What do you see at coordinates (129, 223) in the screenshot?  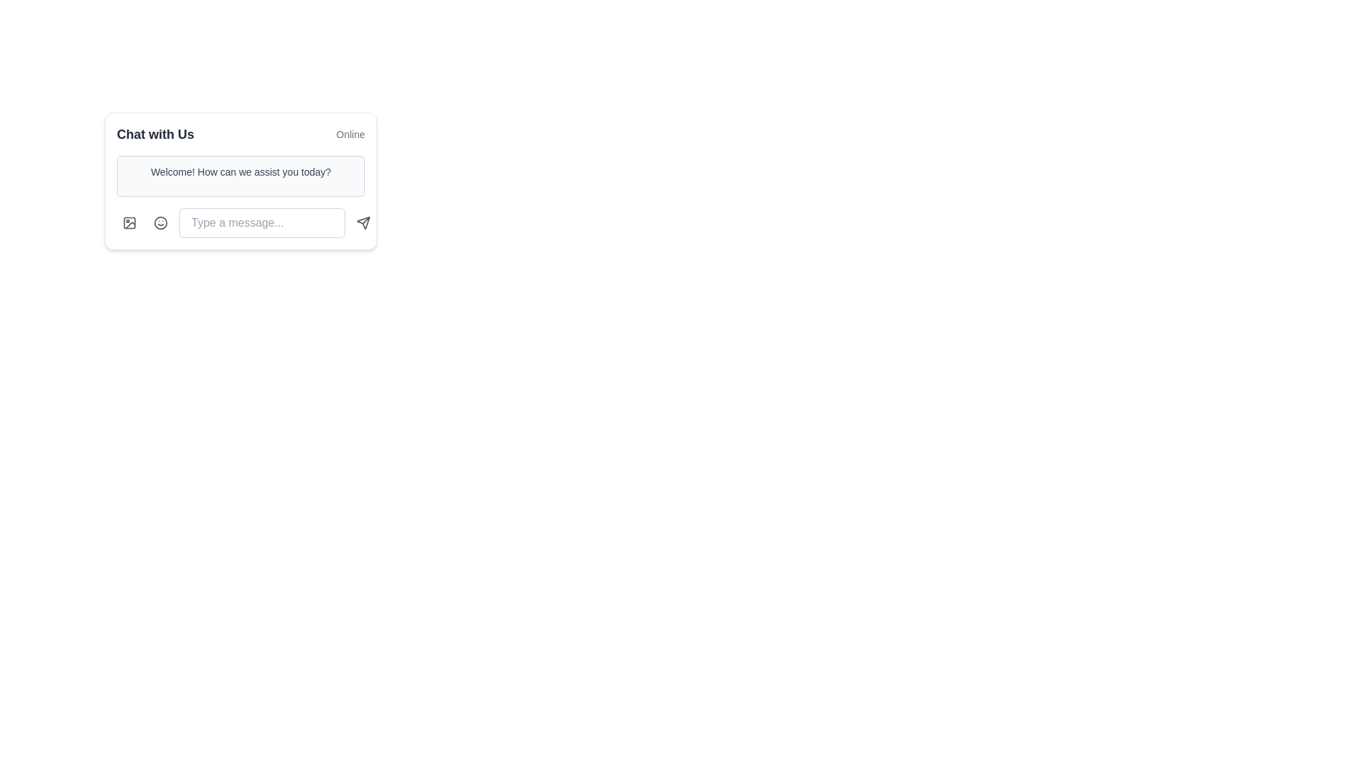 I see `onto the rounded icon button with a gray border located` at bounding box center [129, 223].